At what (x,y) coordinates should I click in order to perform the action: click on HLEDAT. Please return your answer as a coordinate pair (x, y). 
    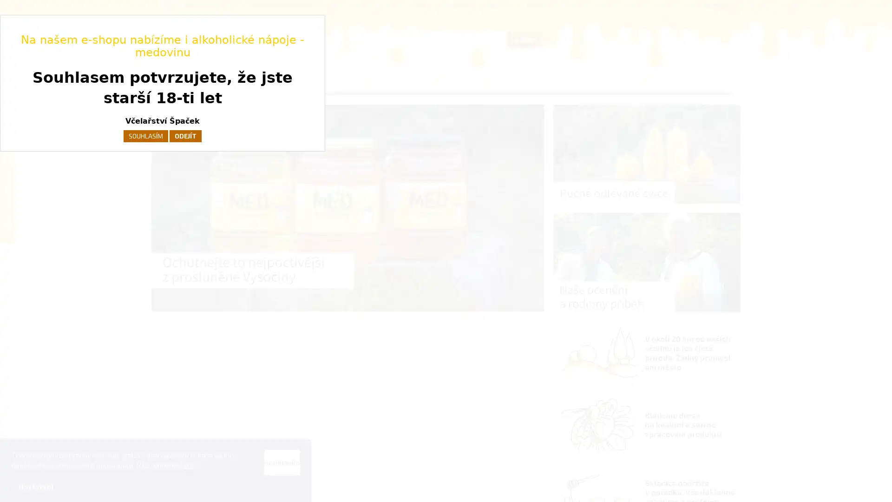
    Looking at the image, I should click on (524, 51).